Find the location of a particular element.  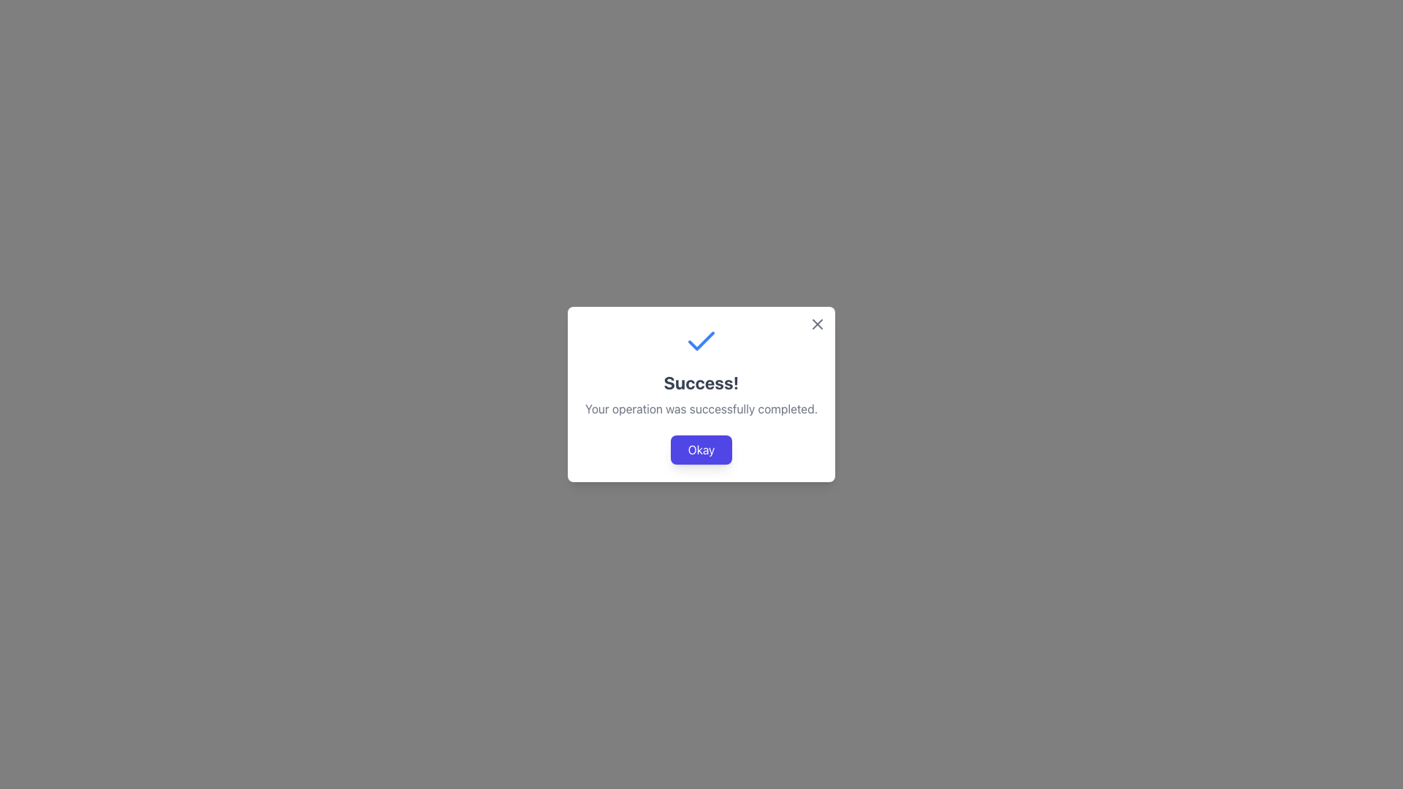

the checkmark icon that visually represents the completion of a process, located at the center-top of the modal dialog box above the text 'Success!' and 'Your operation was successfully completed.' is located at coordinates (701, 341).